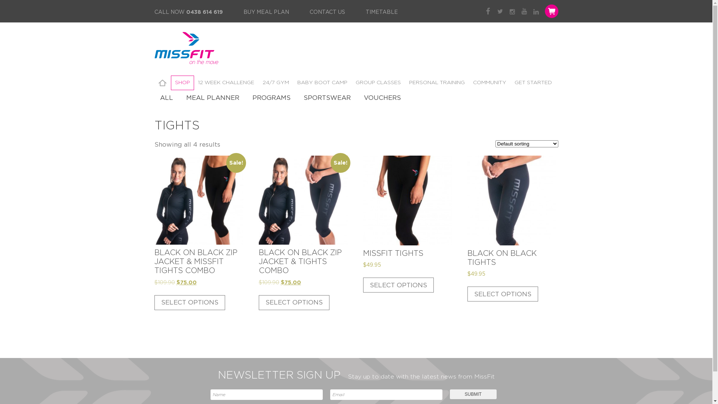  What do you see at coordinates (512, 11) in the screenshot?
I see `'Instagram'` at bounding box center [512, 11].